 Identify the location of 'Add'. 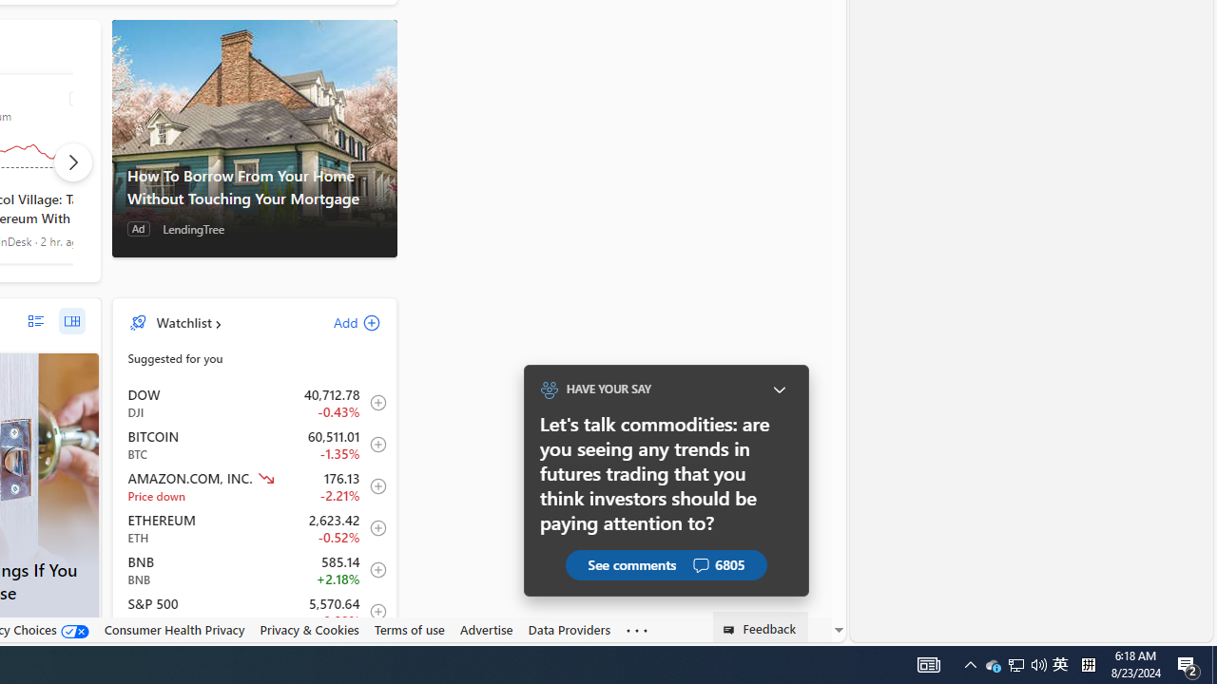
(341, 321).